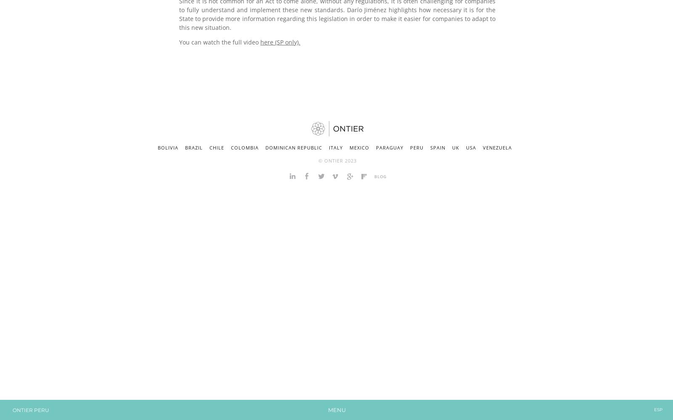  Describe the element at coordinates (336, 160) in the screenshot. I see `'© ONTIER 2023'` at that location.